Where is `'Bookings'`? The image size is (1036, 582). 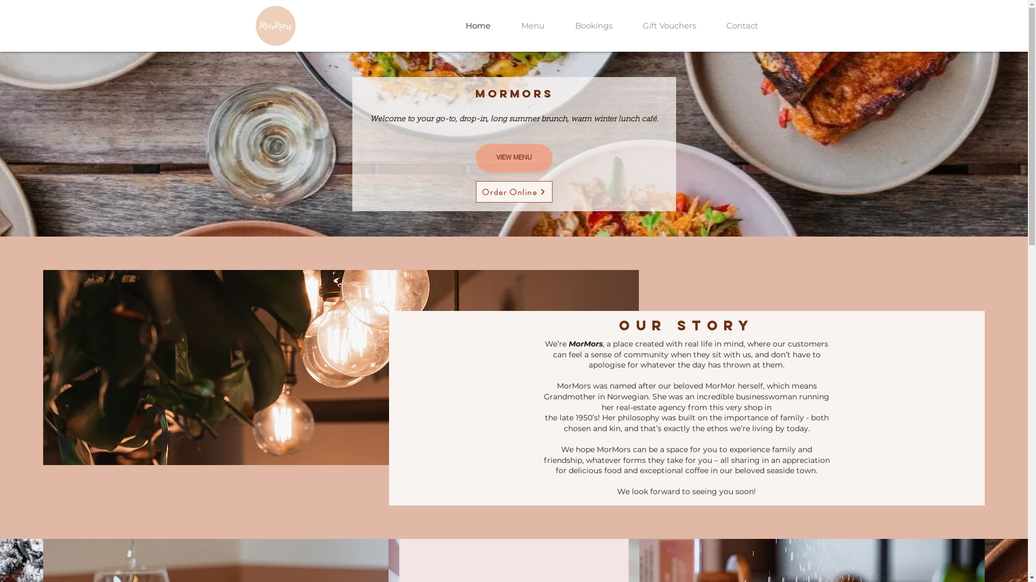
'Bookings' is located at coordinates (593, 25).